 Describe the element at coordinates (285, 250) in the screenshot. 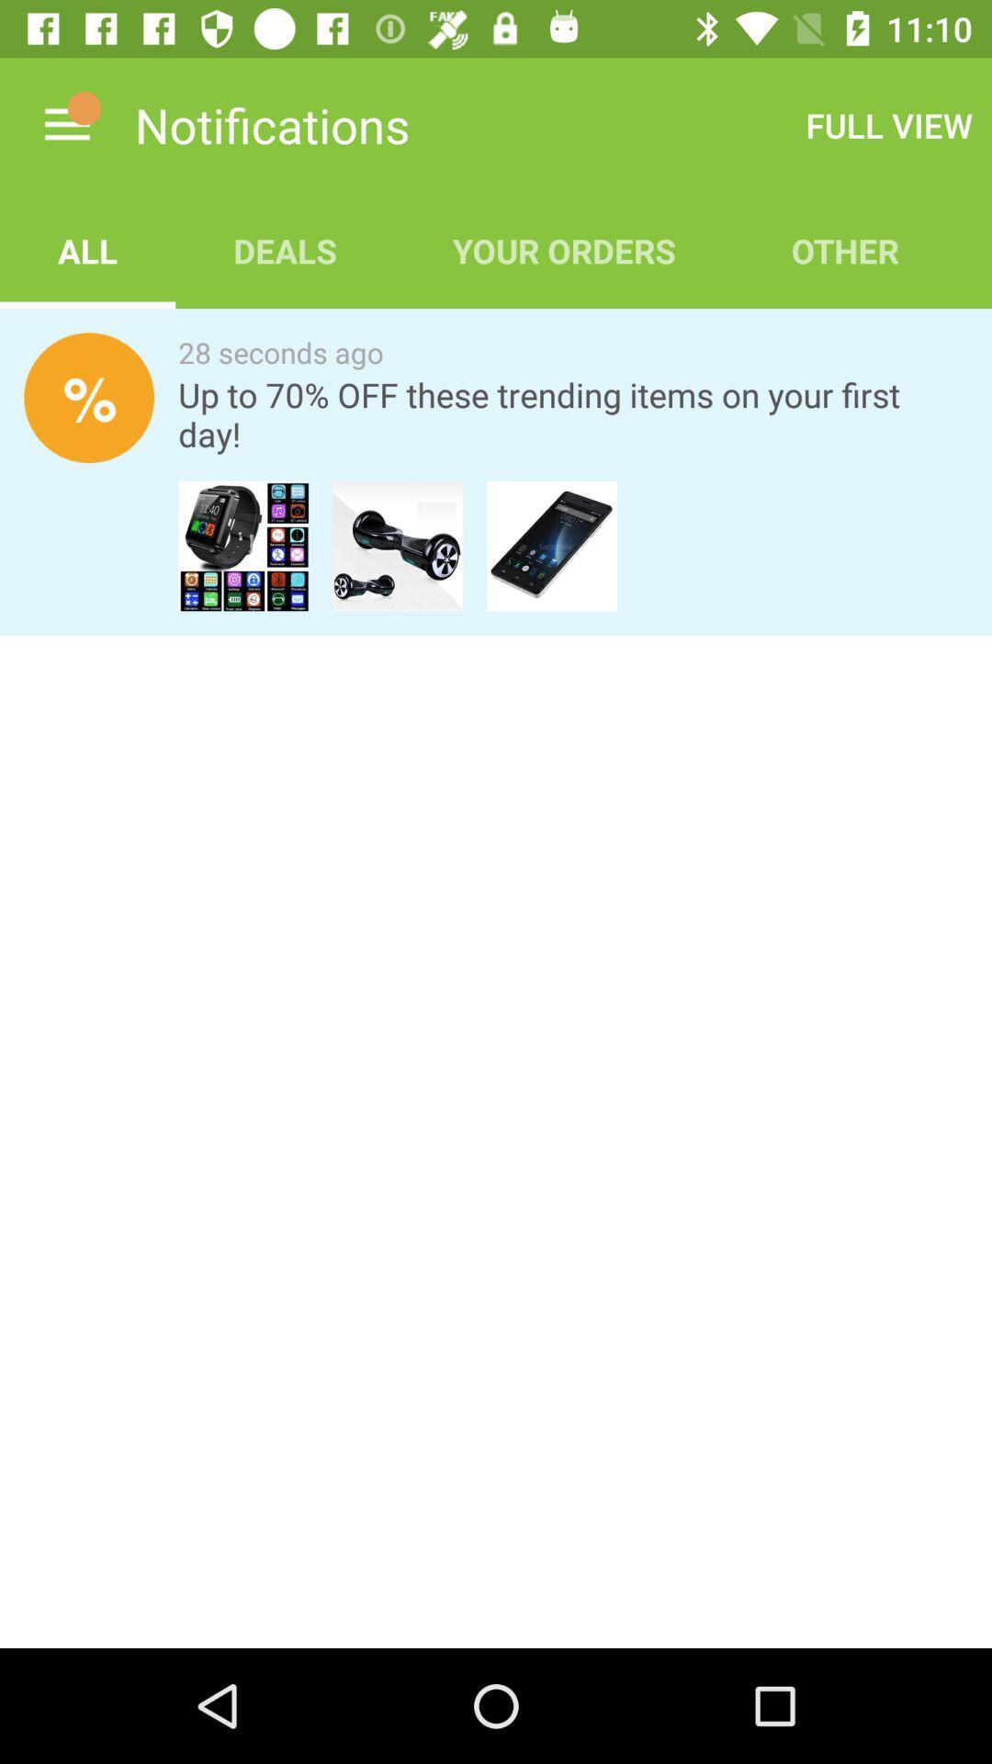

I see `the icon below the notifications icon` at that location.